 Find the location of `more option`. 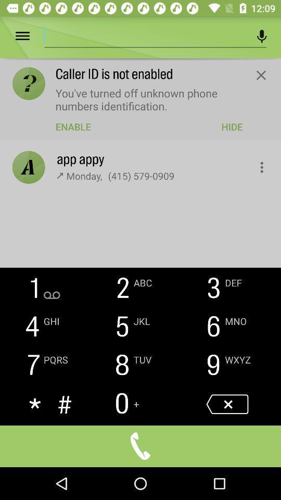

more option is located at coordinates (30, 36).